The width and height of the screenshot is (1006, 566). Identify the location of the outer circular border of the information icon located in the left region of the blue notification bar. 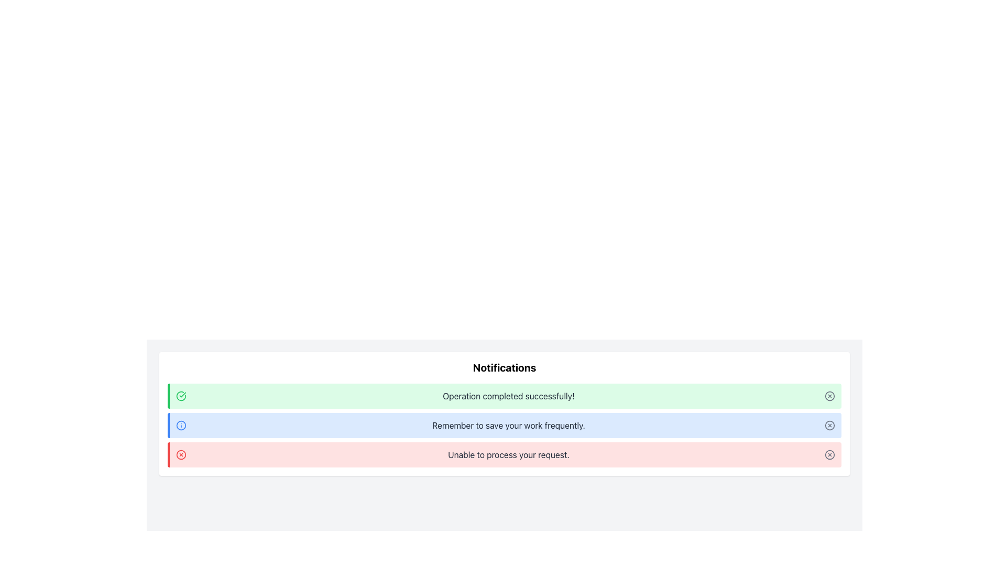
(181, 426).